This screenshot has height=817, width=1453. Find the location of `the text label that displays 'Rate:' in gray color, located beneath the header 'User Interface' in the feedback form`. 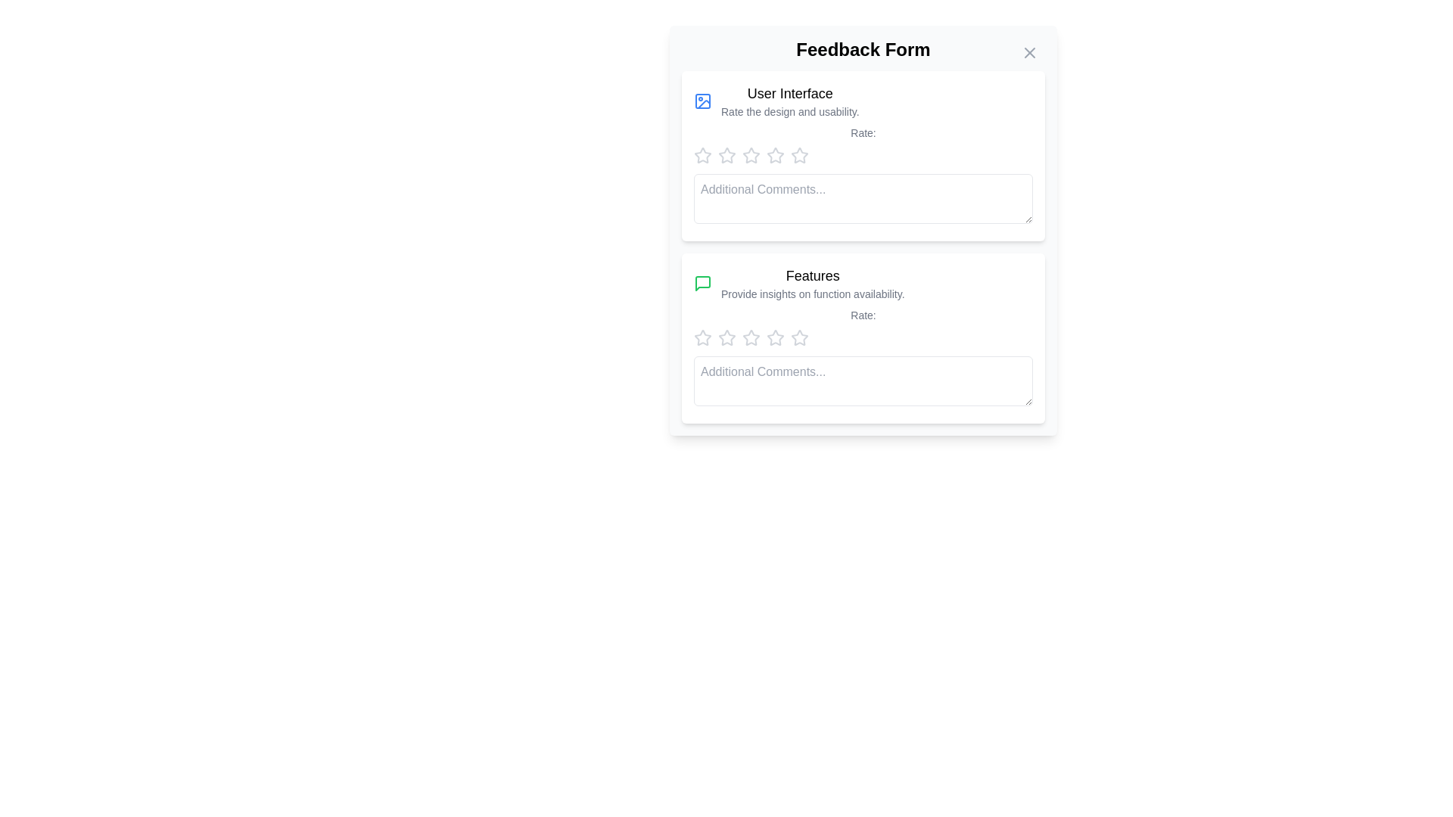

the text label that displays 'Rate:' in gray color, located beneath the header 'User Interface' in the feedback form is located at coordinates (863, 132).